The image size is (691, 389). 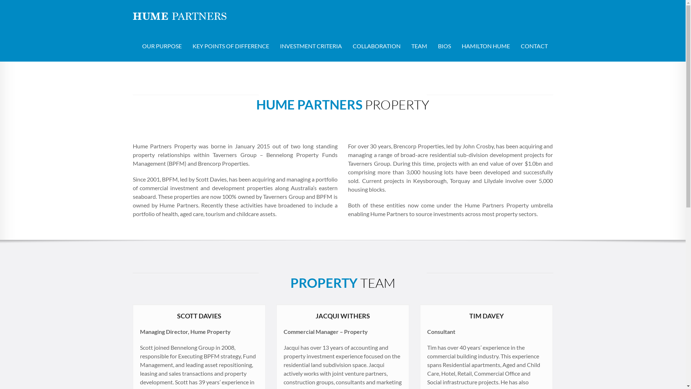 I want to click on 'HAMILTON HUME', so click(x=456, y=46).